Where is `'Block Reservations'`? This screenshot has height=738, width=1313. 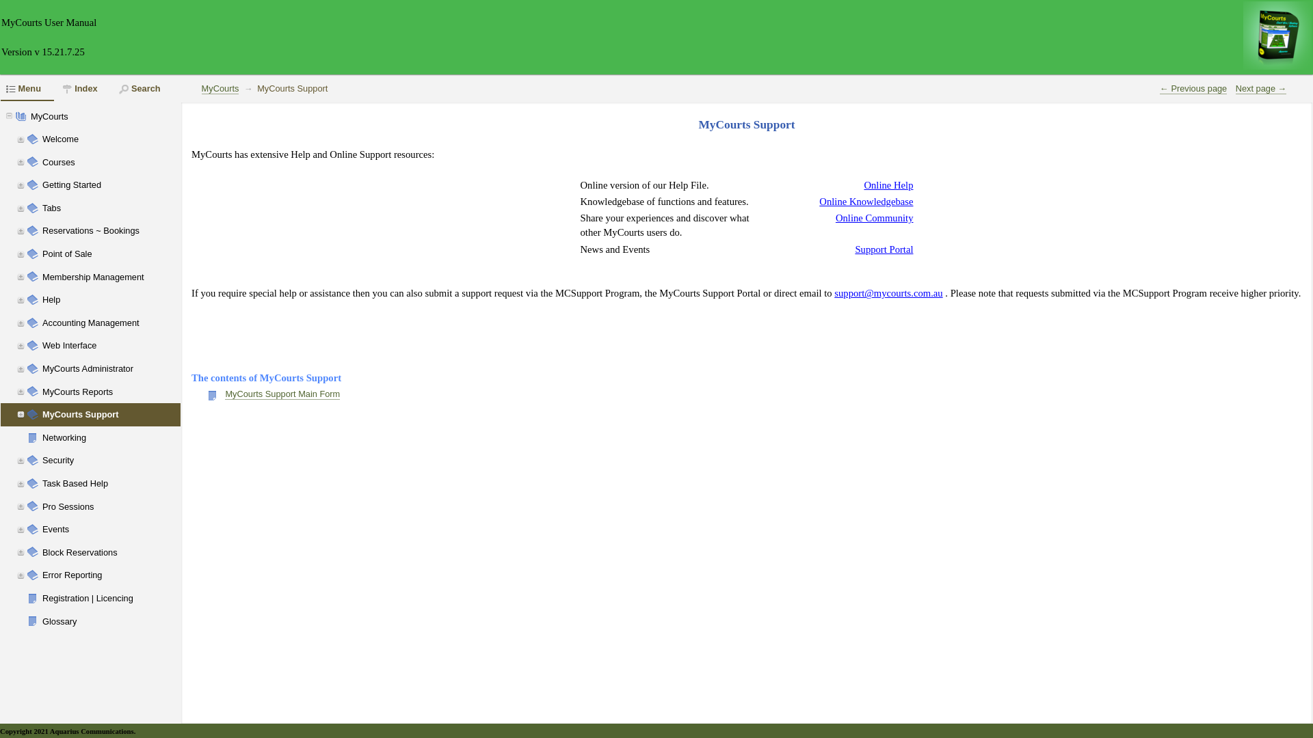
'Block Reservations' is located at coordinates (129, 552).